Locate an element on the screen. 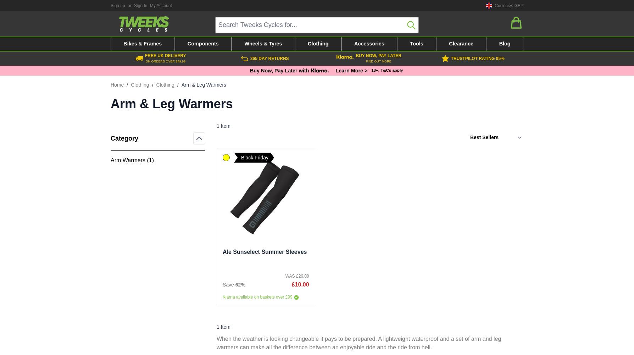 The height and width of the screenshot is (355, 634). 'Bikes & Frames' is located at coordinates (142, 43).